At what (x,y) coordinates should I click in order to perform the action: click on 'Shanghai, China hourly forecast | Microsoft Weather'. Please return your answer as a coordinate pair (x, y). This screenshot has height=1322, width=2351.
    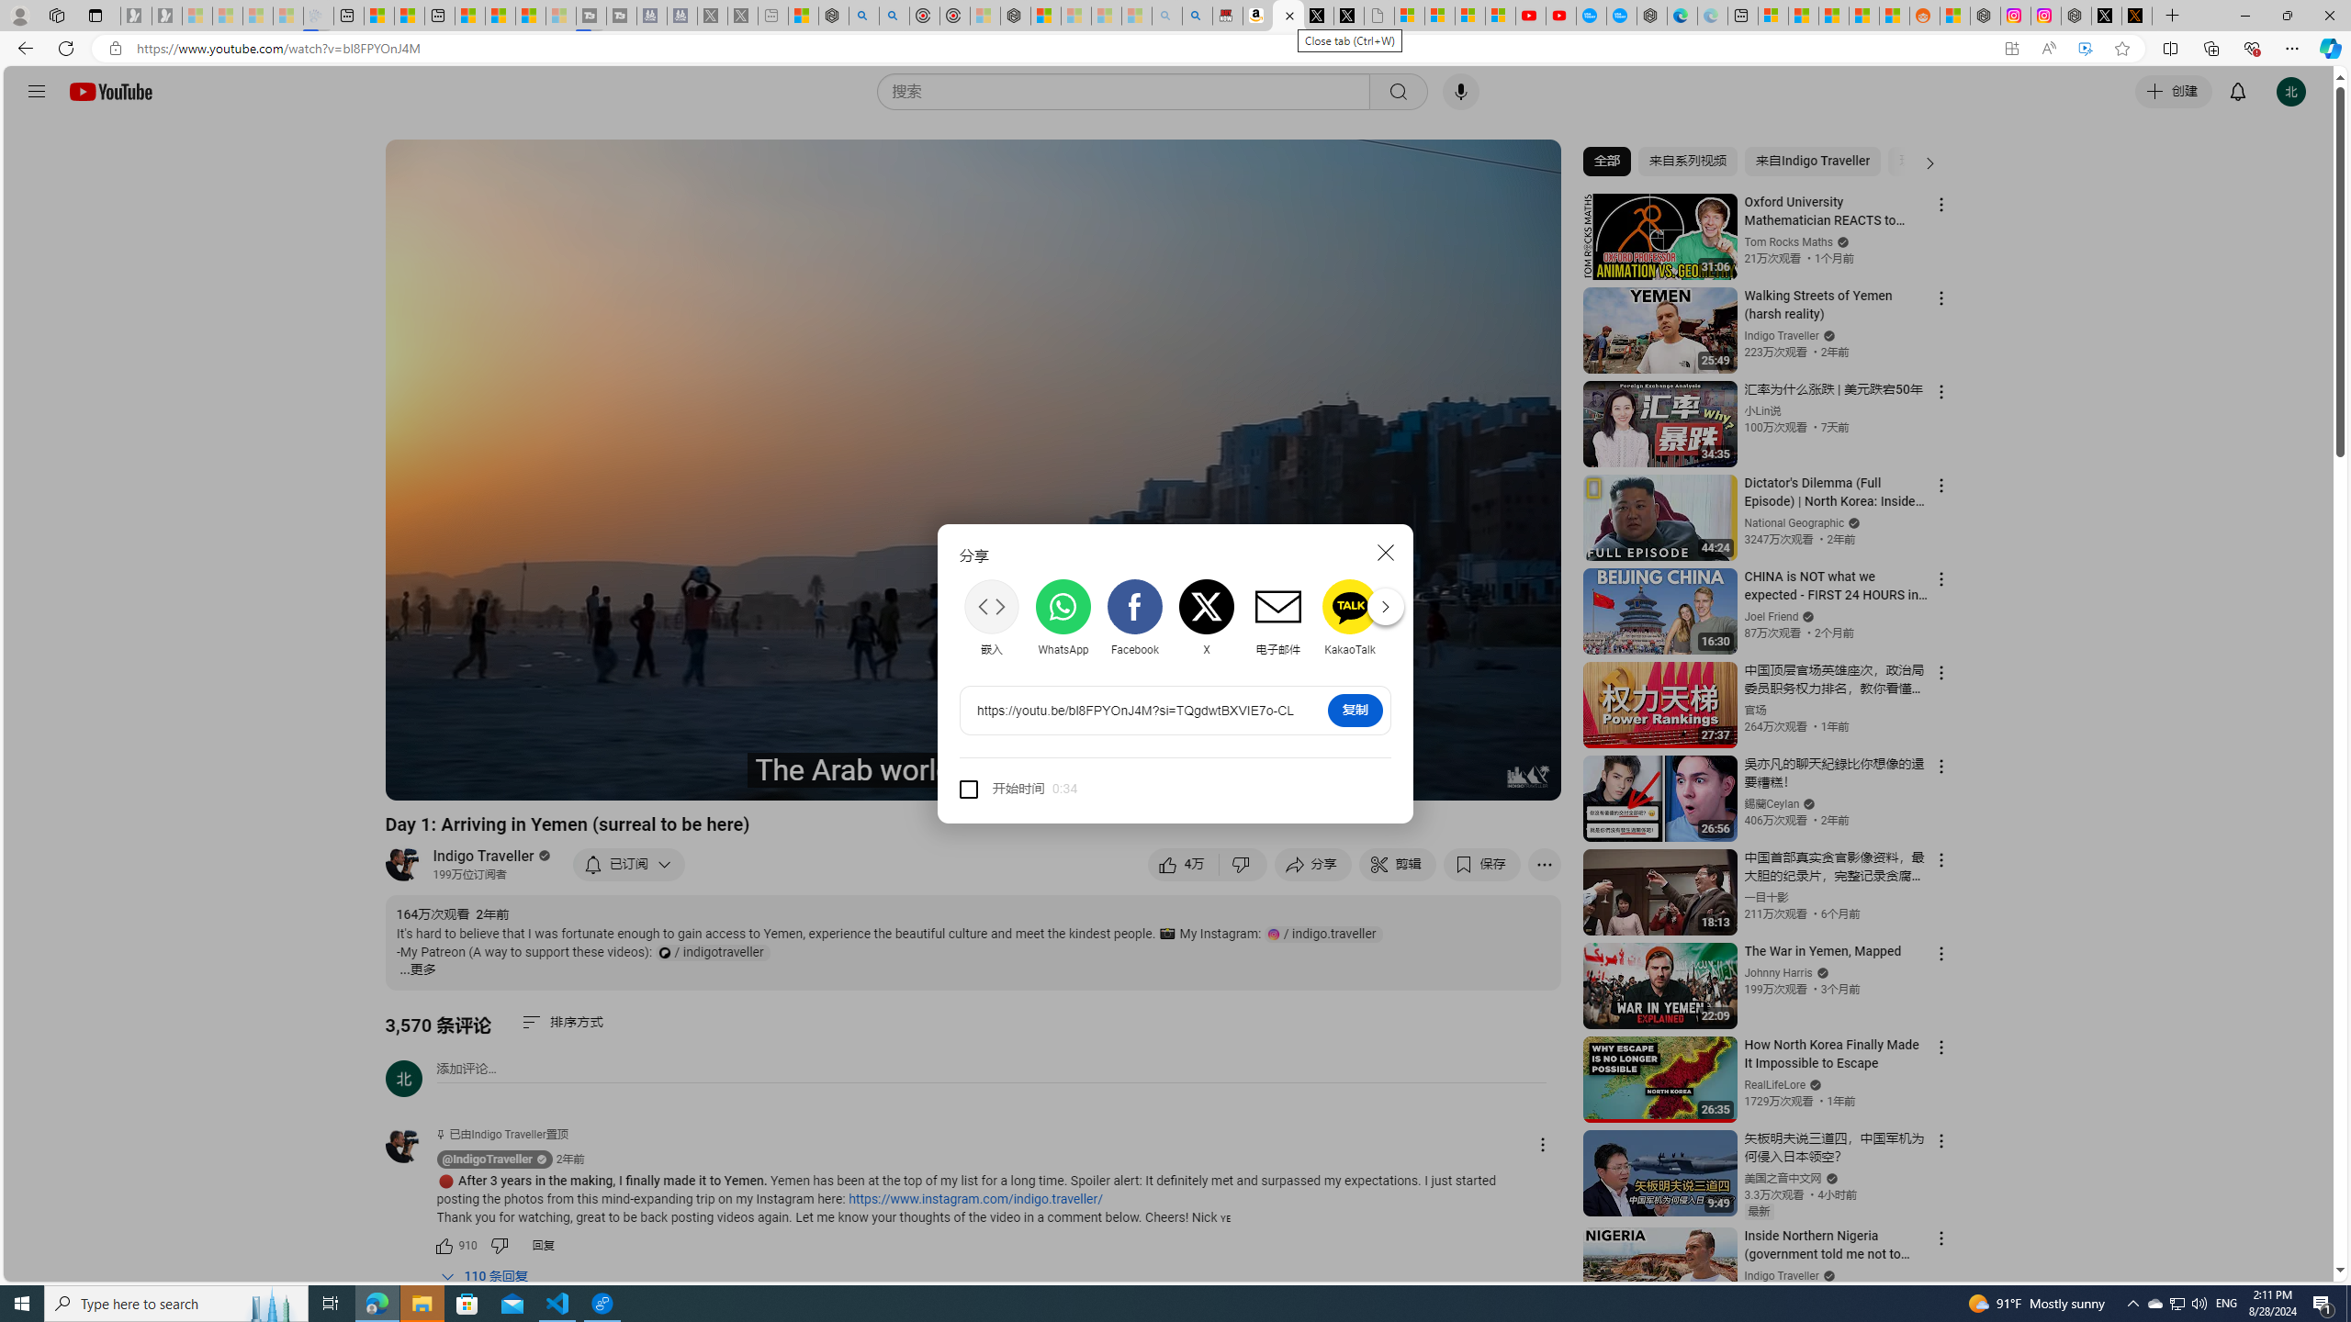
    Looking at the image, I should click on (1833, 15).